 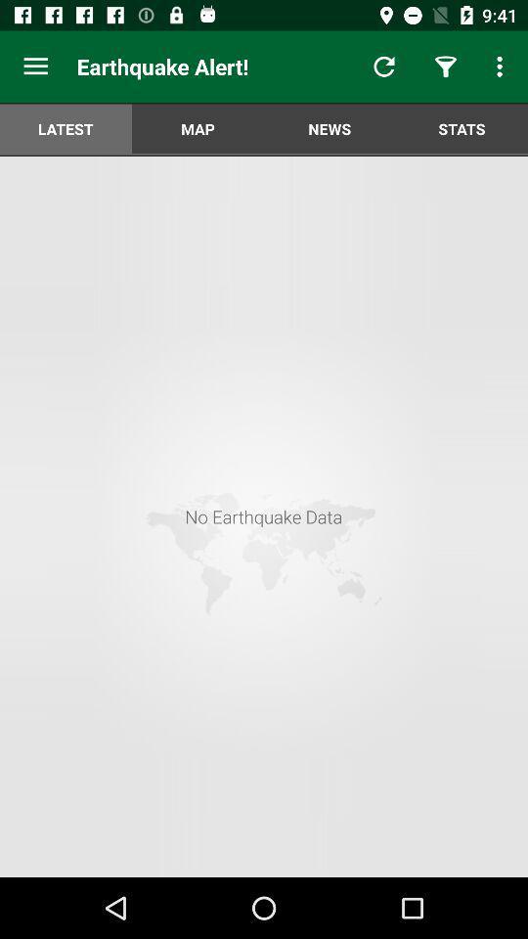 I want to click on the app to the right of earthquake alert! item, so click(x=384, y=67).